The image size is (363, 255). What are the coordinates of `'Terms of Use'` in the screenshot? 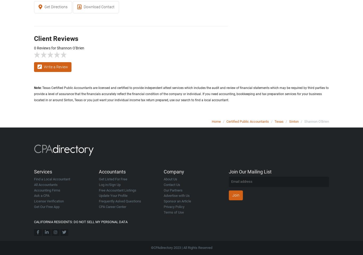 It's located at (174, 212).